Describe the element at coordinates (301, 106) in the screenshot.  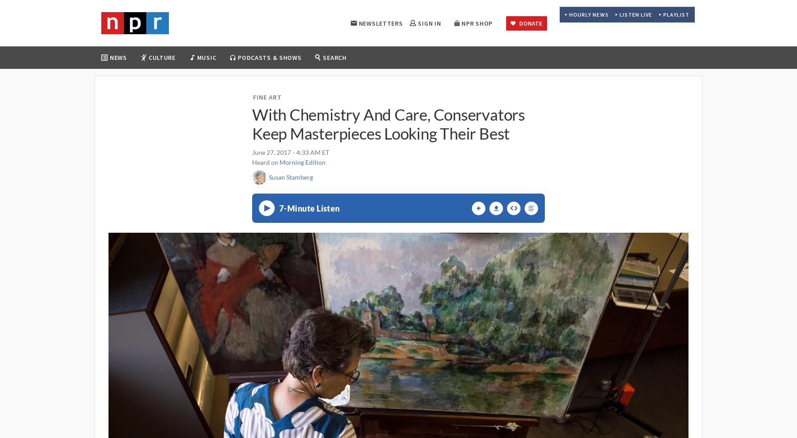
I see `'Music Features'` at that location.